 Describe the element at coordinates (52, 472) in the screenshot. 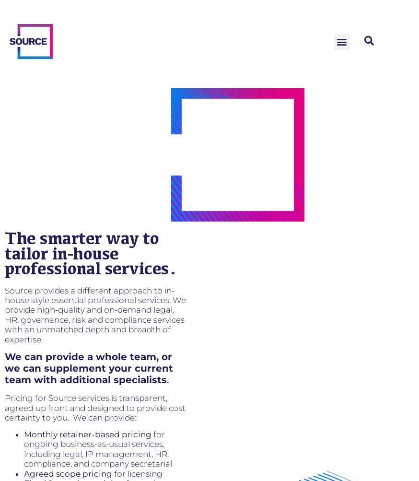

I see `'Agreed scope'` at that location.